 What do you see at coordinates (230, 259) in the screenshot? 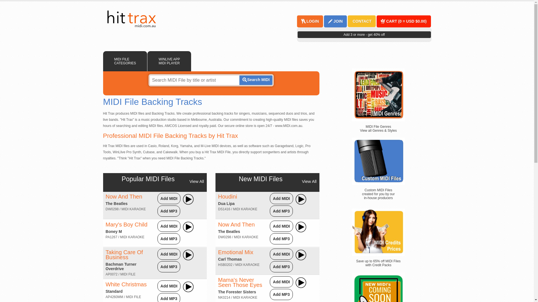
I see `'Carl Thomas'` at bounding box center [230, 259].